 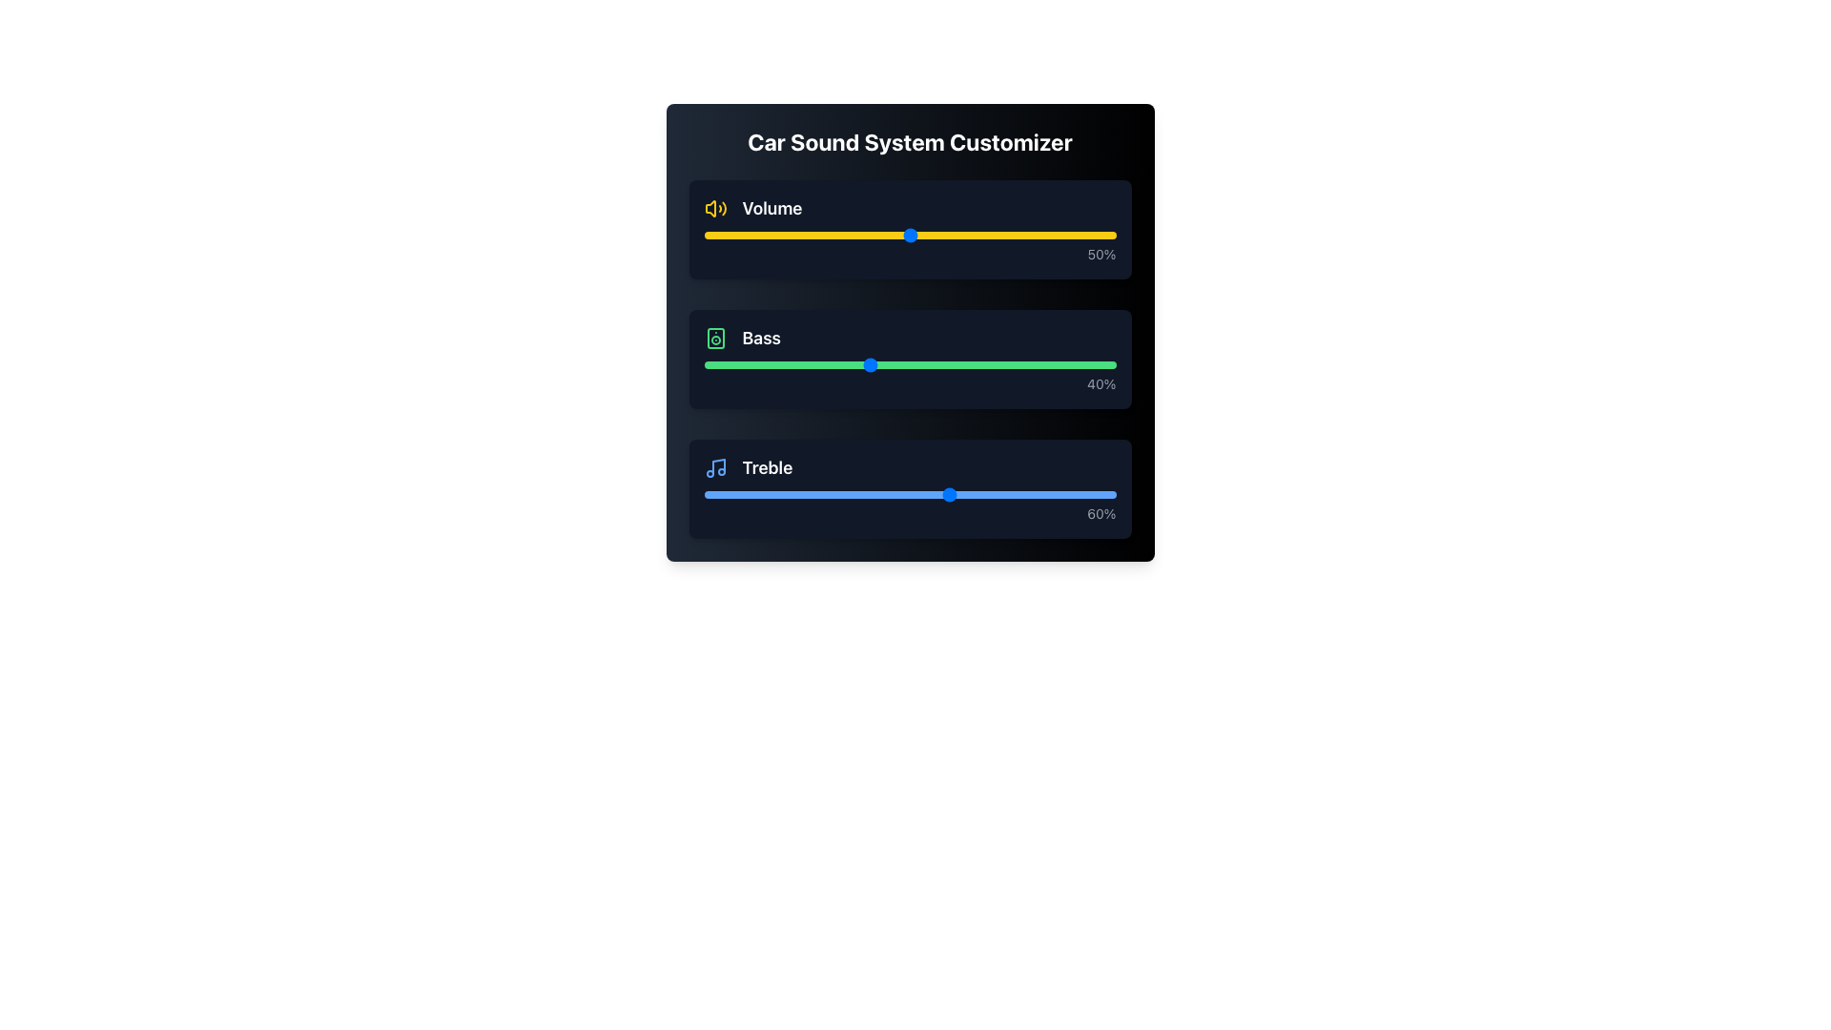 I want to click on volume, so click(x=749, y=234).